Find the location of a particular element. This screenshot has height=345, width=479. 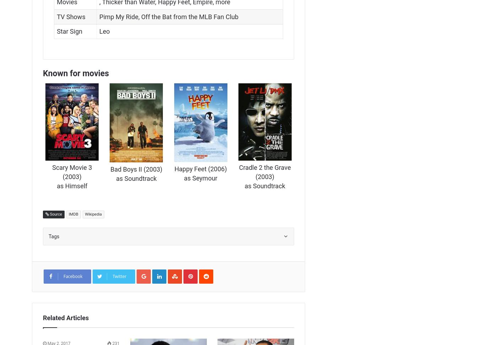

'Pimp My Ride, Off the Bat from the MLB Fan Club' is located at coordinates (169, 16).